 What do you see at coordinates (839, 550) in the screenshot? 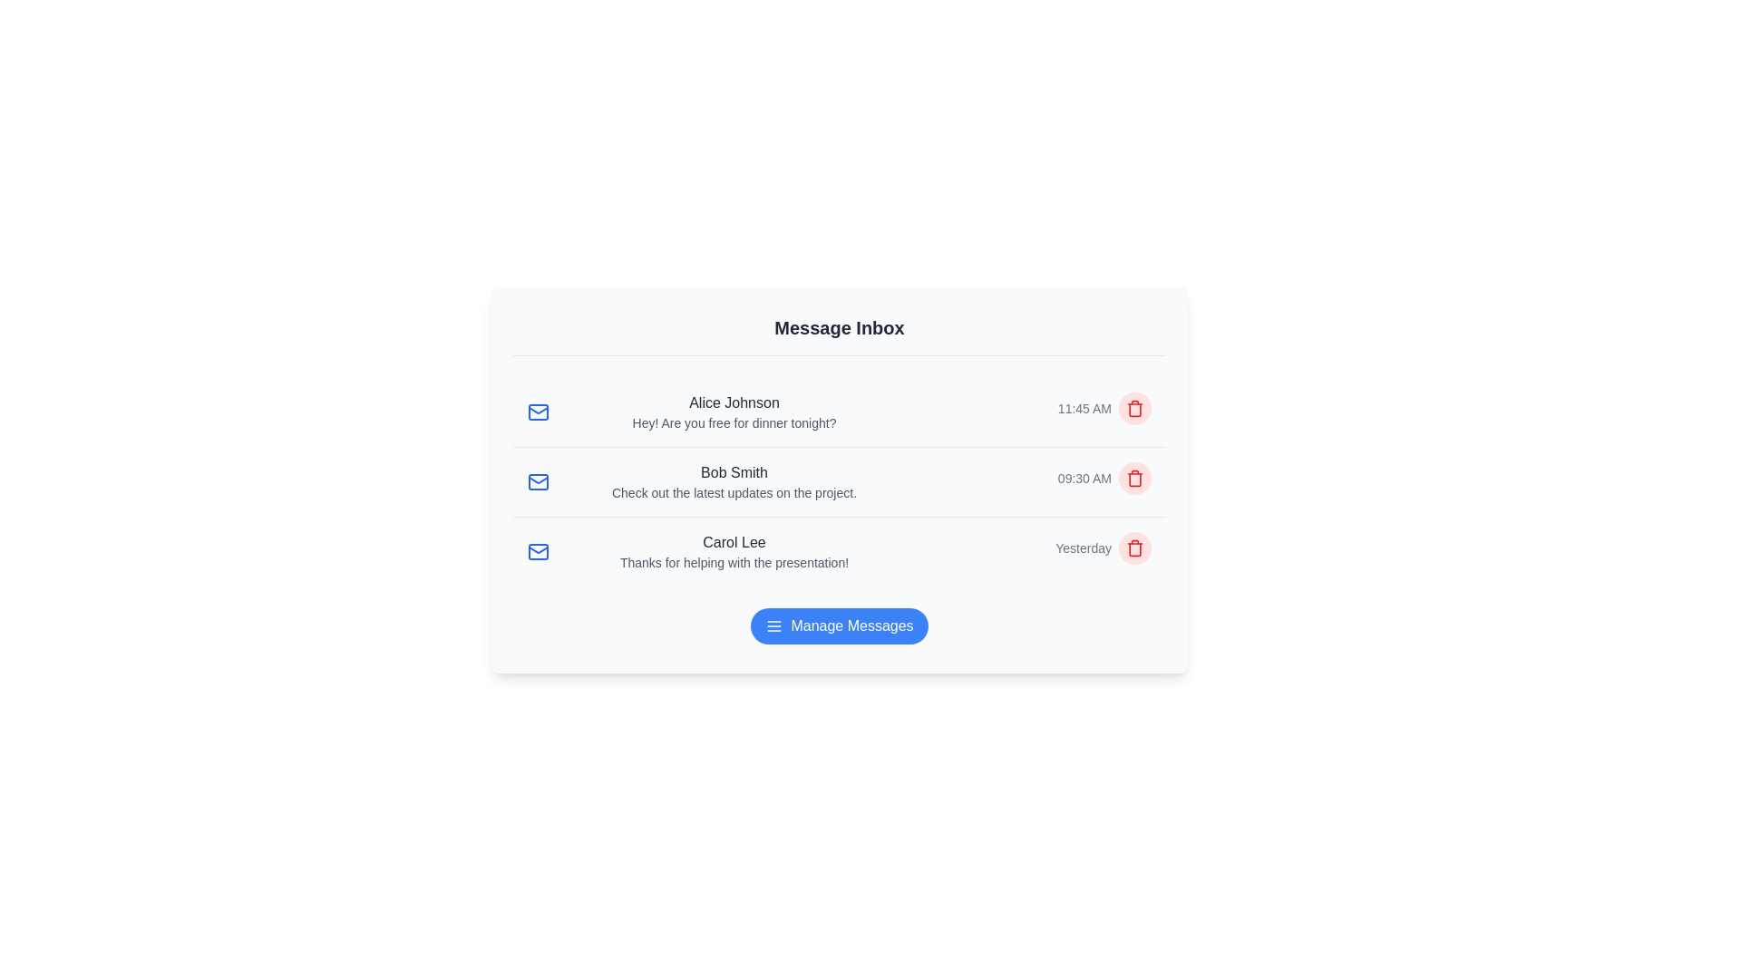
I see `the message row corresponding to Carol Lee` at bounding box center [839, 550].